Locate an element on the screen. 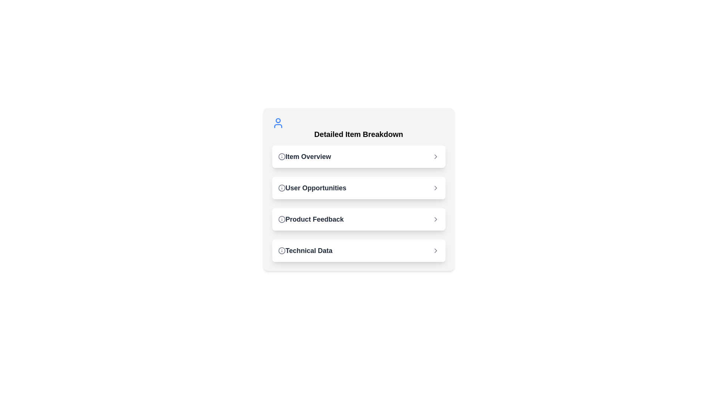  the navigation indicator icon located at the end of the 'User Opportunities' row in the vertically arranged list is located at coordinates (435, 188).